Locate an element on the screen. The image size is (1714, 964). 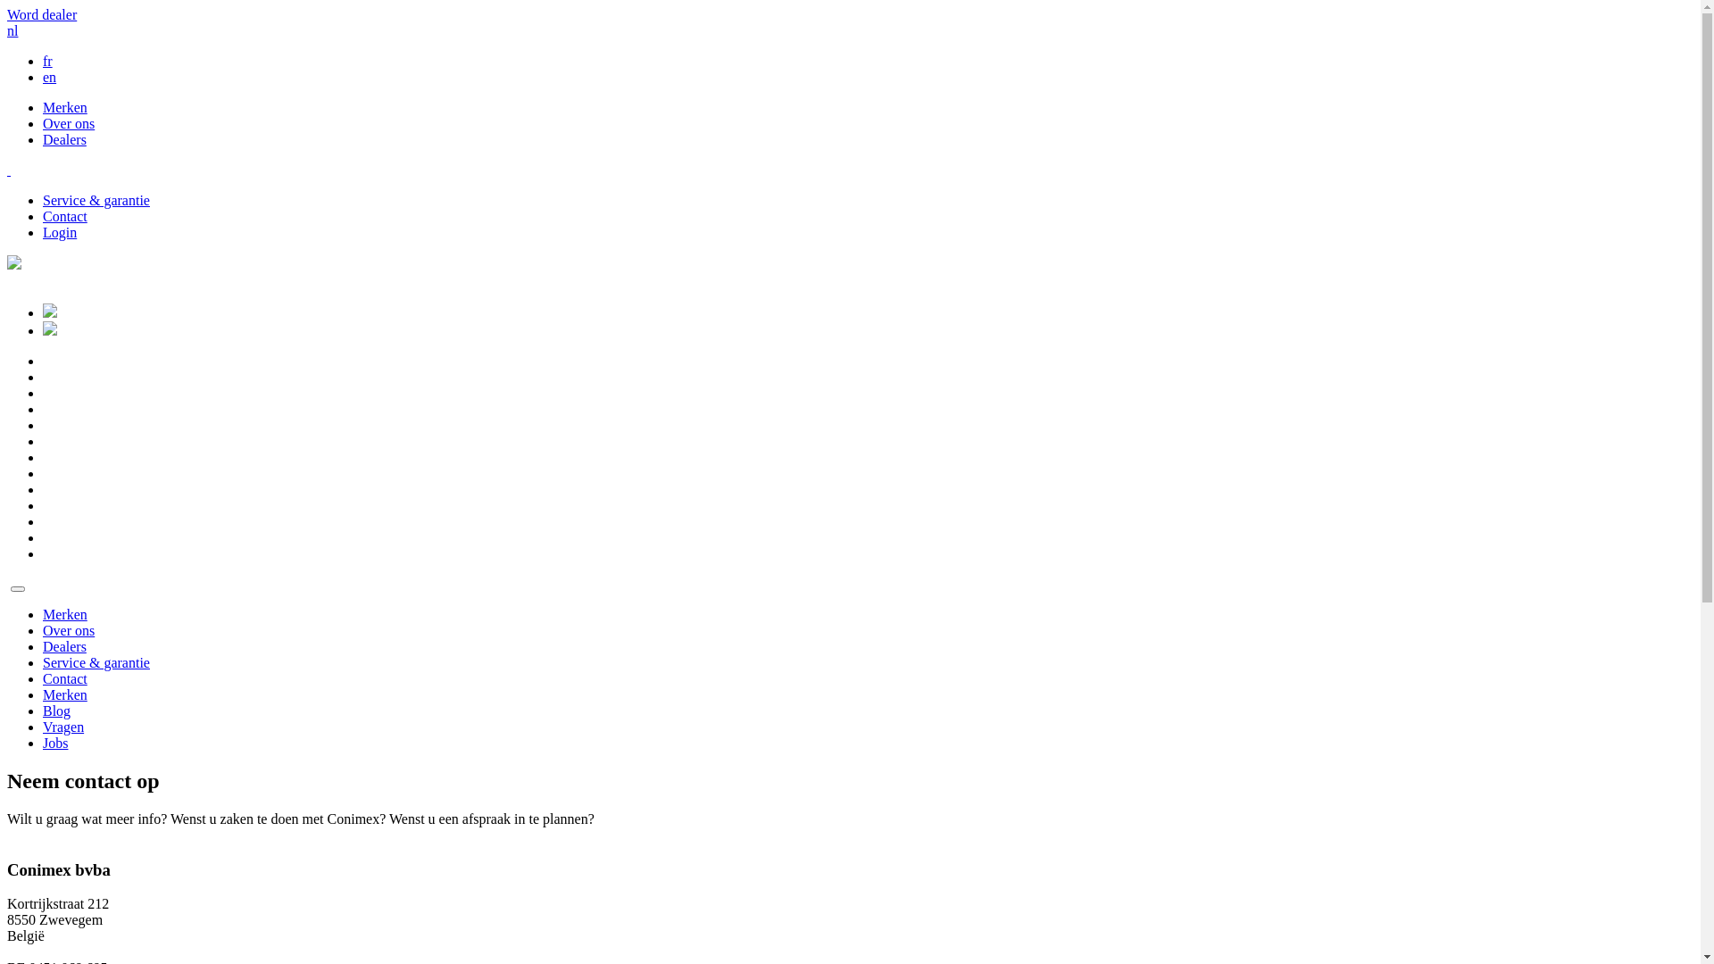
'Aanmelden' is located at coordinates (50, 312).